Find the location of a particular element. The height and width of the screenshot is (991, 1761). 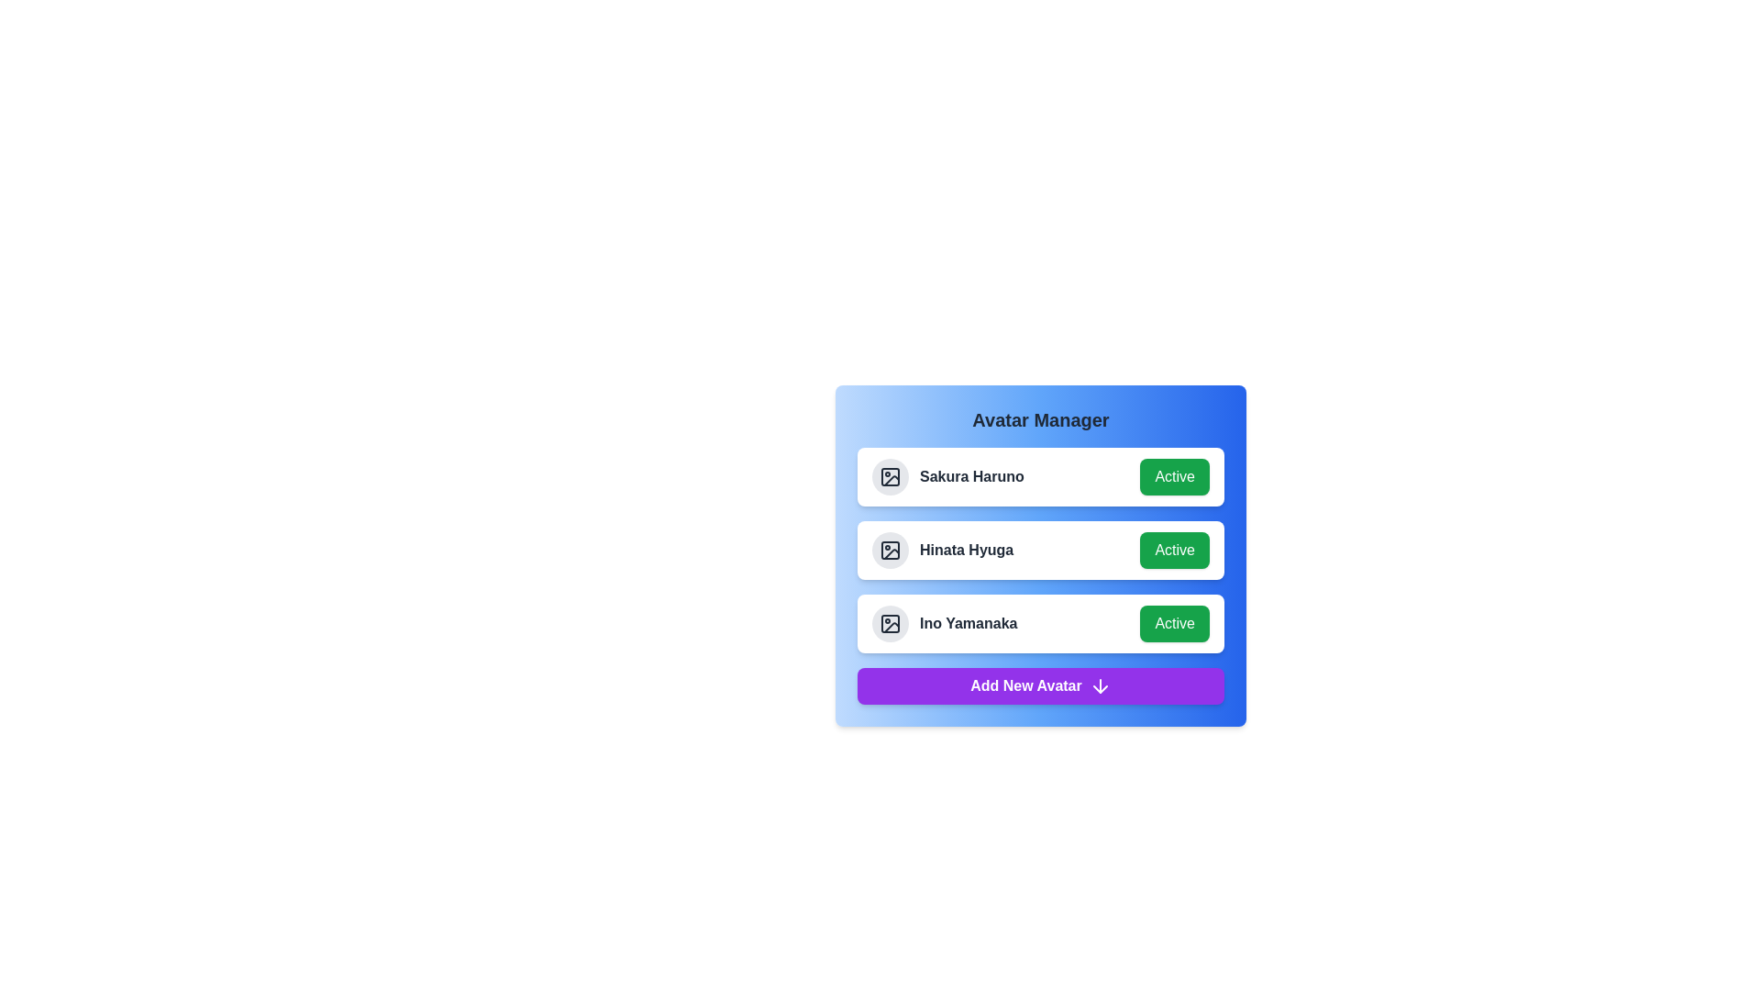

the circular gray Image placeholder icon located to the left of the name 'Hinata Hyuga' in the Avatar Manager section is located at coordinates (890, 550).